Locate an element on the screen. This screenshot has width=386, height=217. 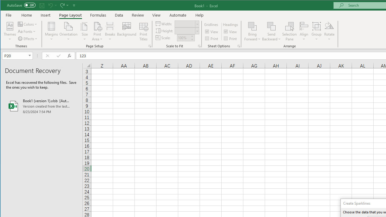
'Help' is located at coordinates (199, 15).